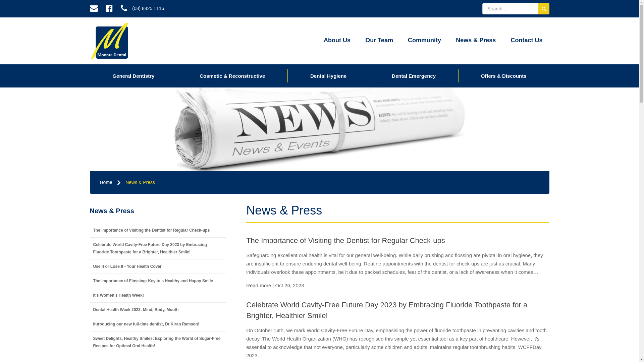  Describe the element at coordinates (90, 310) in the screenshot. I see `'Dental Health Week 2023: Mind, Body, Mouth'` at that location.